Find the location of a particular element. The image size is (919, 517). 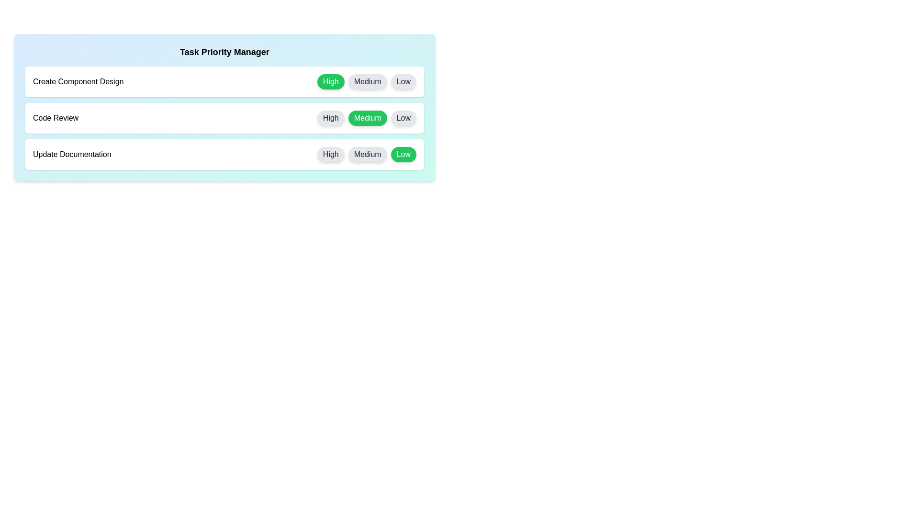

the Medium button for the task 'Update Documentation' to set its priority is located at coordinates (367, 154).